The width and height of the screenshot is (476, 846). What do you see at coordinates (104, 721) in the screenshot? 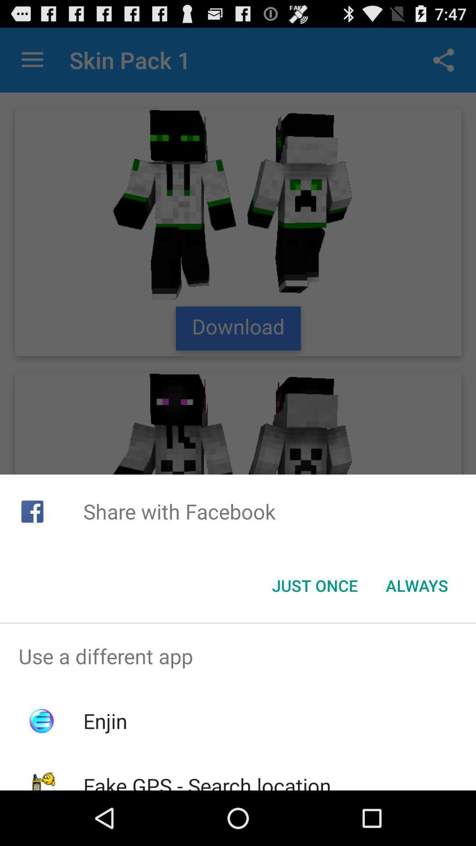
I see `enjin` at bounding box center [104, 721].